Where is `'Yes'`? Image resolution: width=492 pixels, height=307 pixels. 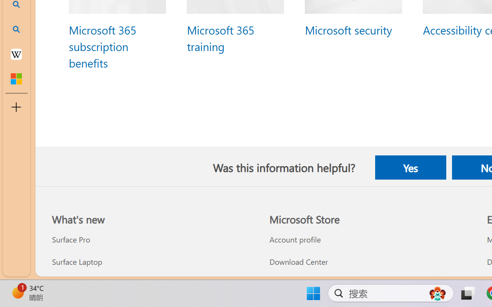
'Yes' is located at coordinates (410, 167).